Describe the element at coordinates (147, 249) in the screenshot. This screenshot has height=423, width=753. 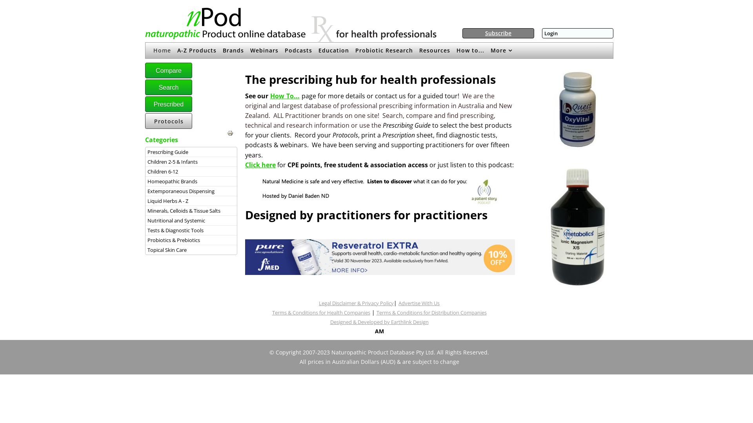
I see `'Topical Skin Care'` at that location.